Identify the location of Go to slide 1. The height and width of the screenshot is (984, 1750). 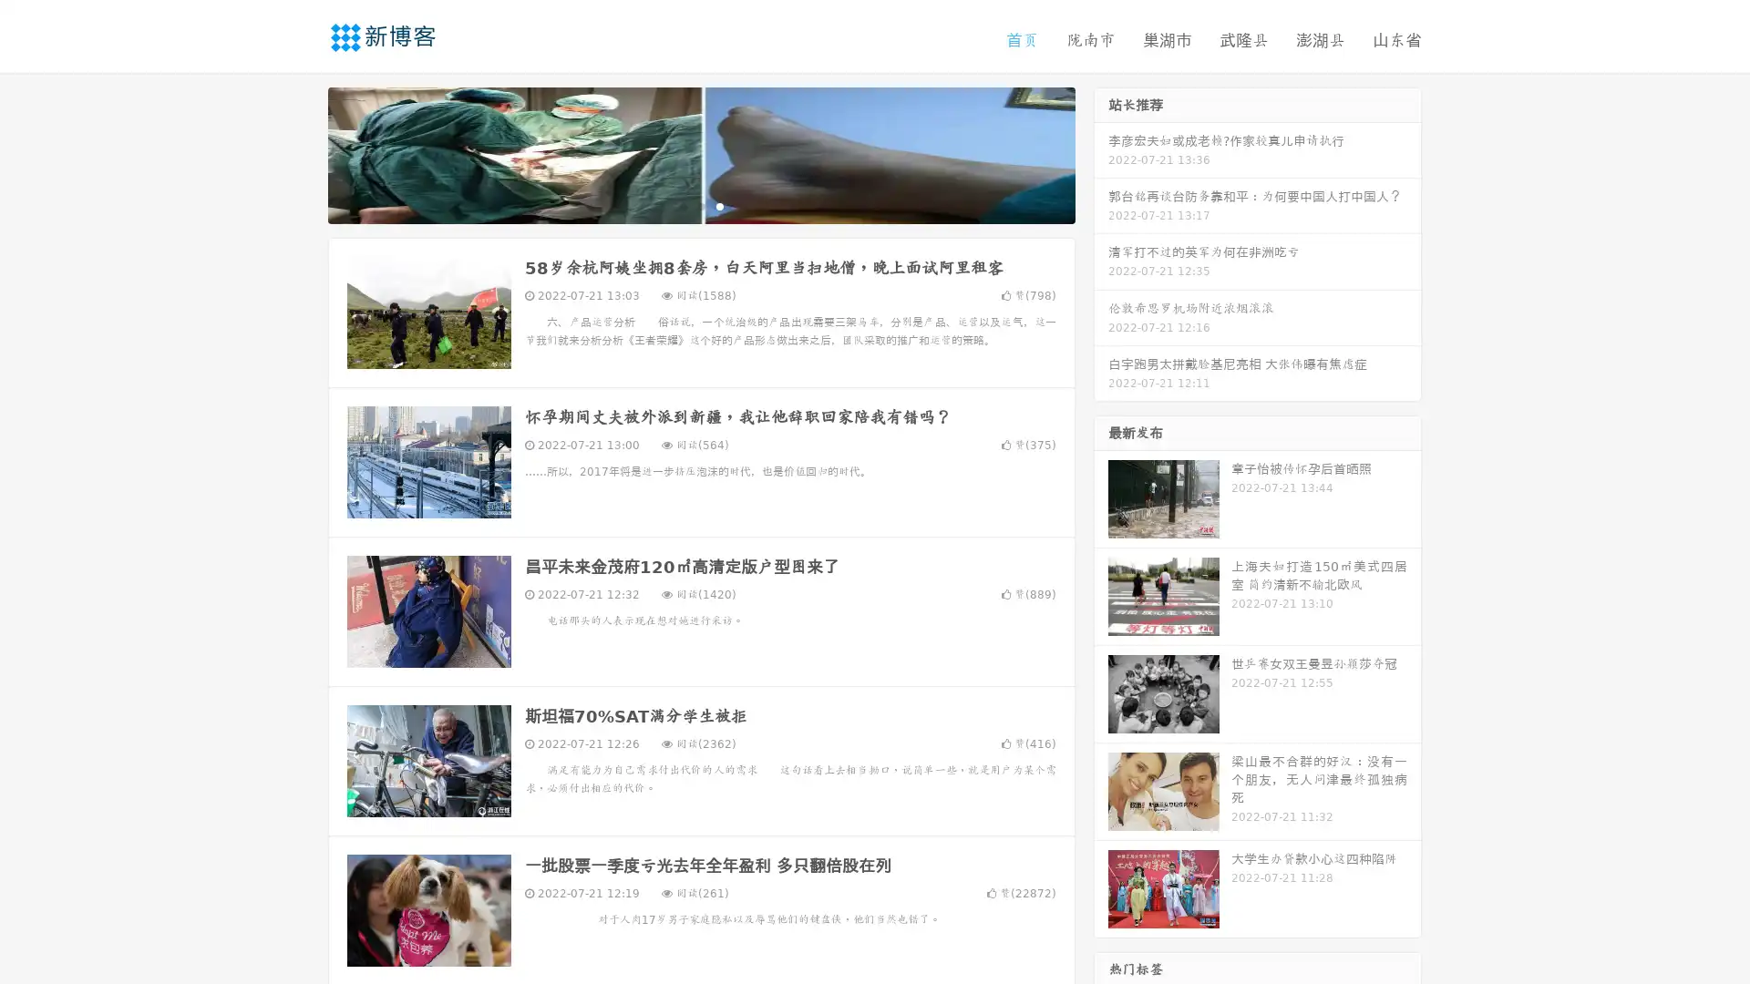
(682, 205).